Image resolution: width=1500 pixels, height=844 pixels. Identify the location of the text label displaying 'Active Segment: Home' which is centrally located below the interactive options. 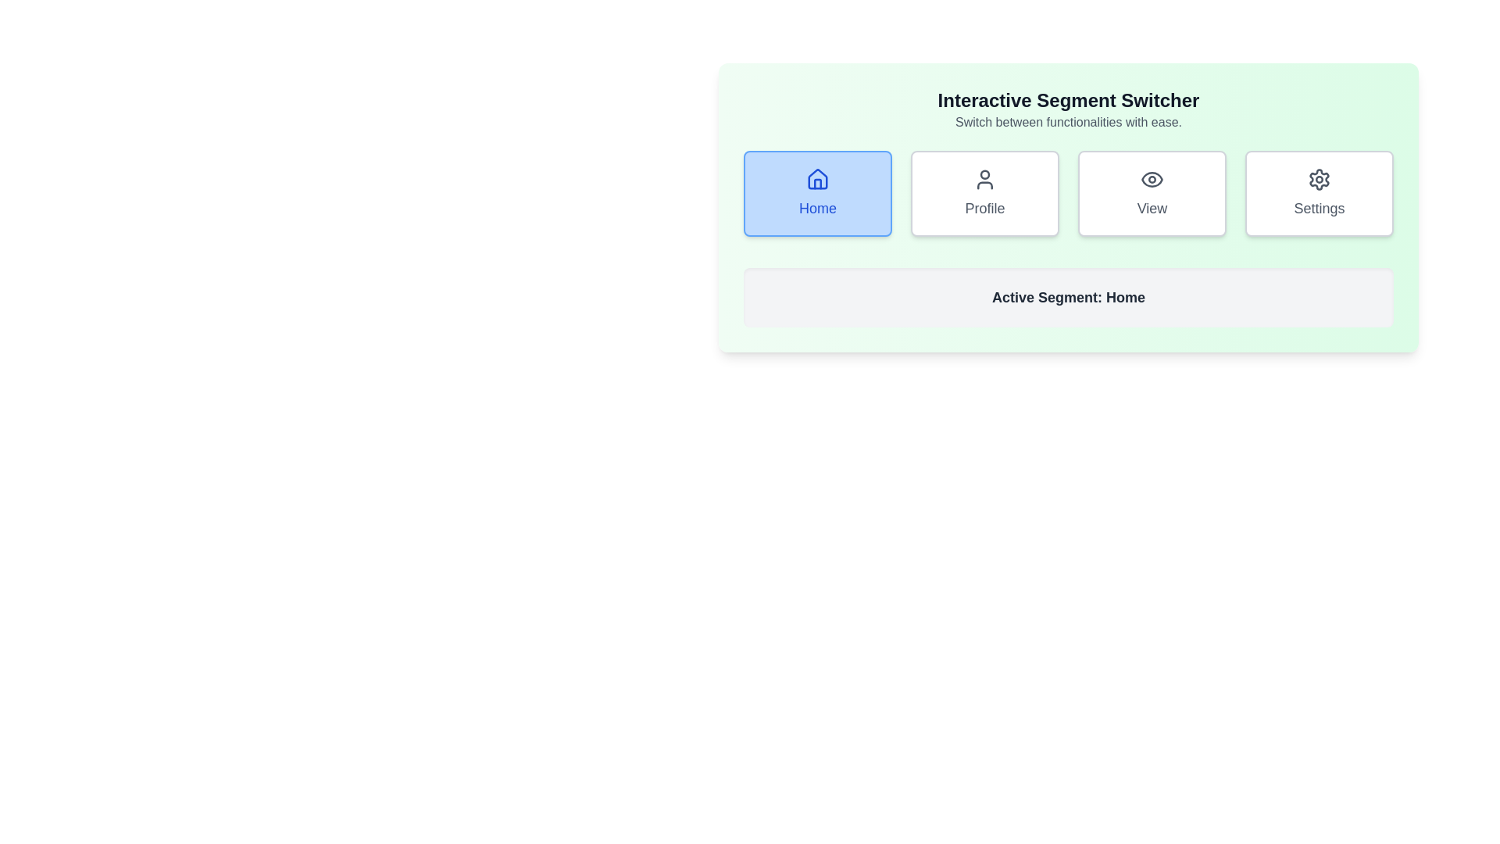
(1068, 298).